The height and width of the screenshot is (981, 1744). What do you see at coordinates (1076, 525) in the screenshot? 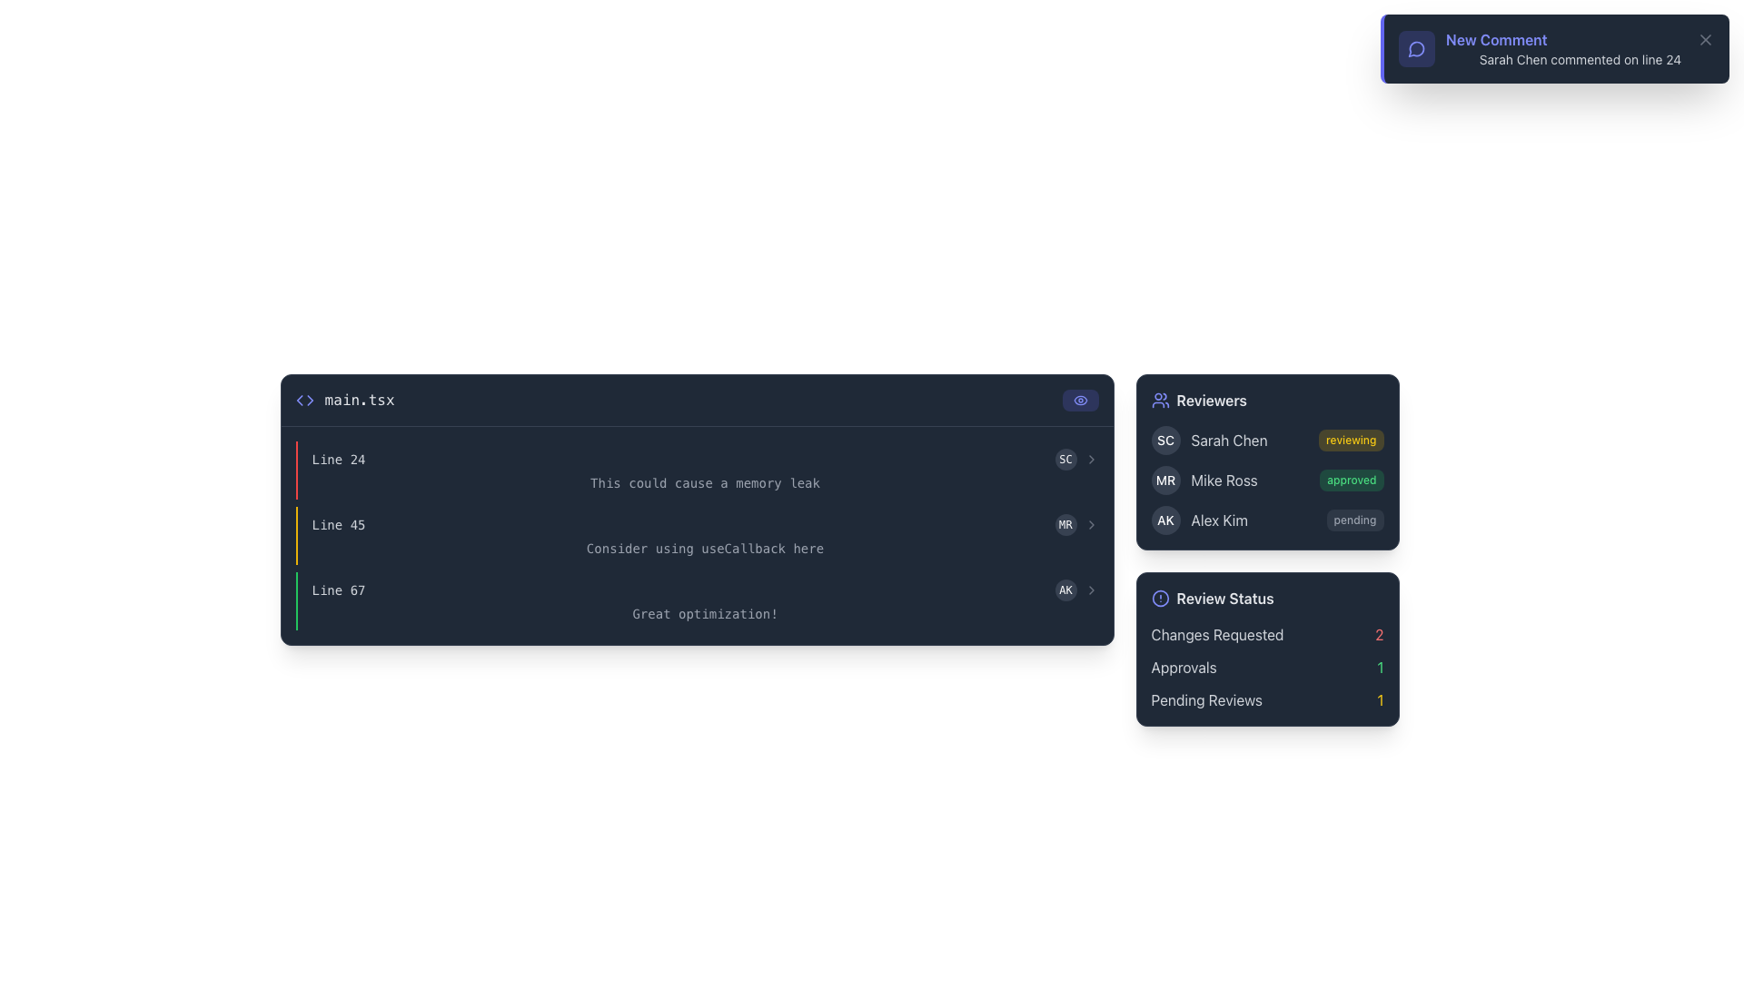
I see `the badge displaying the initials 'MR' located` at bounding box center [1076, 525].